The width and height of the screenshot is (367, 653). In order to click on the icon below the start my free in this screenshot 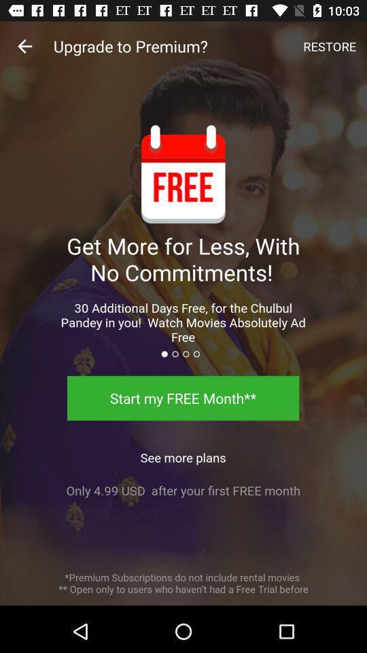, I will do `click(183, 454)`.